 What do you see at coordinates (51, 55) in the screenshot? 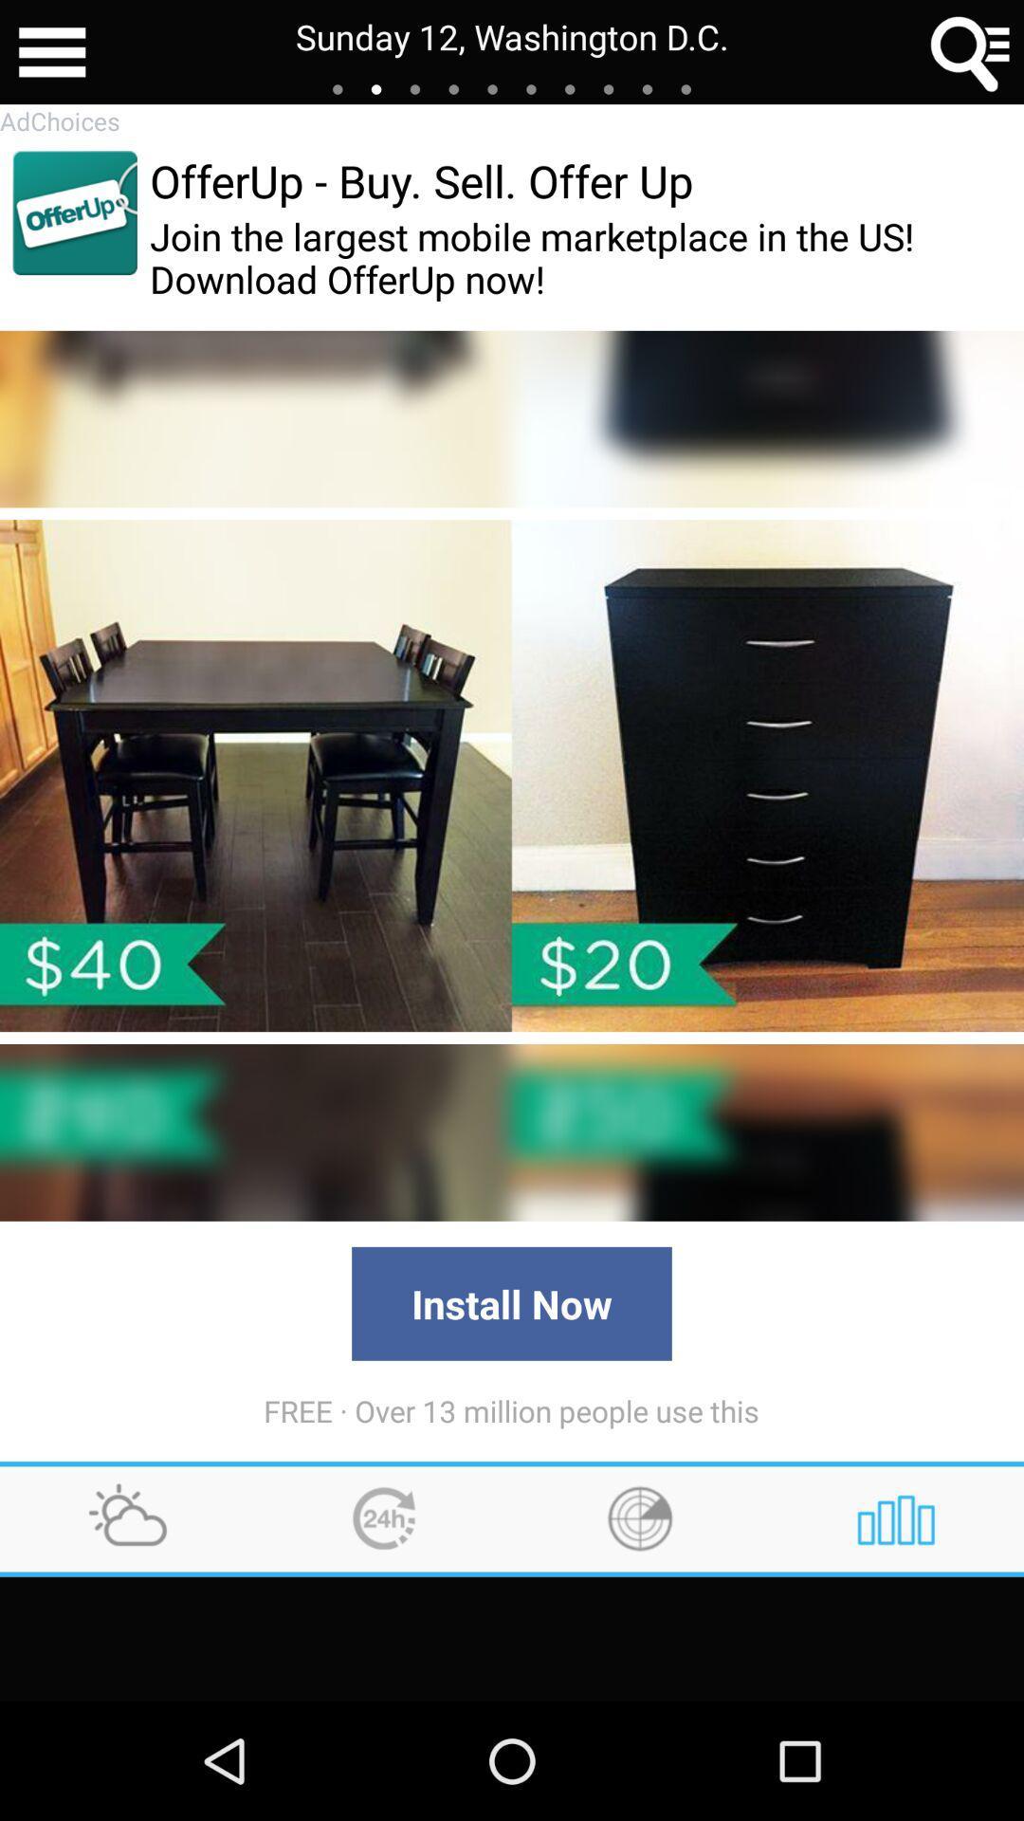
I see `the menu icon` at bounding box center [51, 55].